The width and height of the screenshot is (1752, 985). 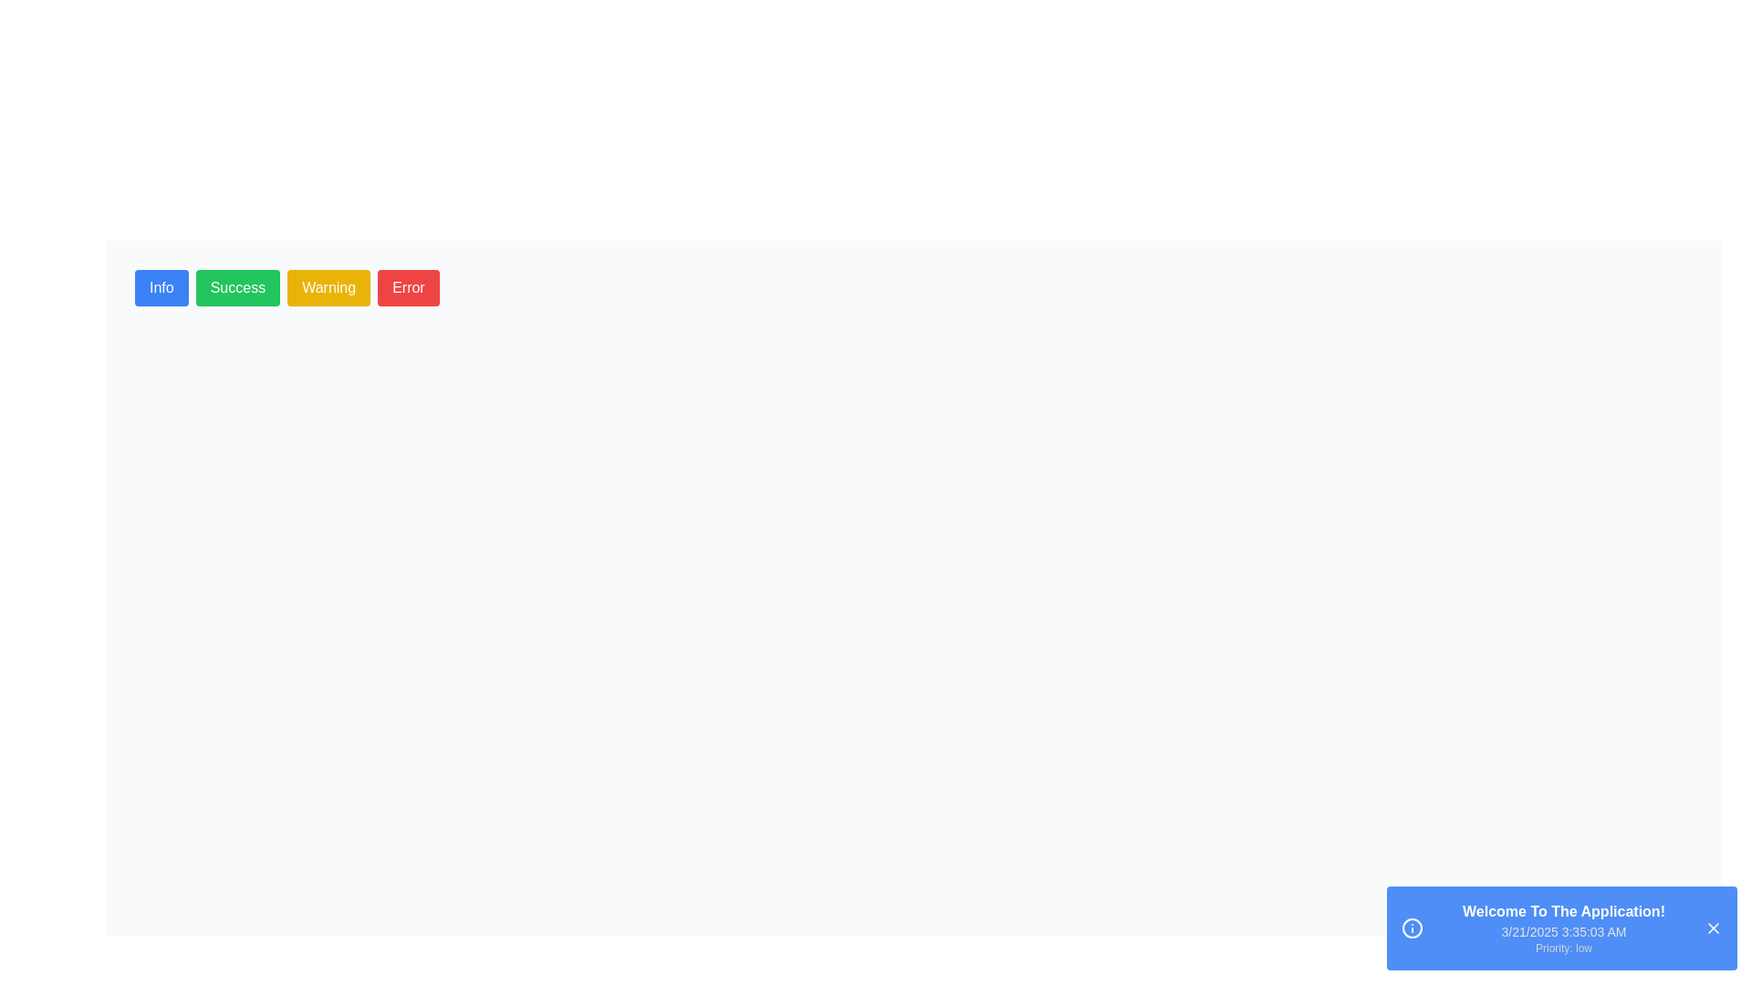 What do you see at coordinates (1712, 928) in the screenshot?
I see `the close button located in the bottom-right corner of the notification panel titled 'Welcome to the application!'` at bounding box center [1712, 928].